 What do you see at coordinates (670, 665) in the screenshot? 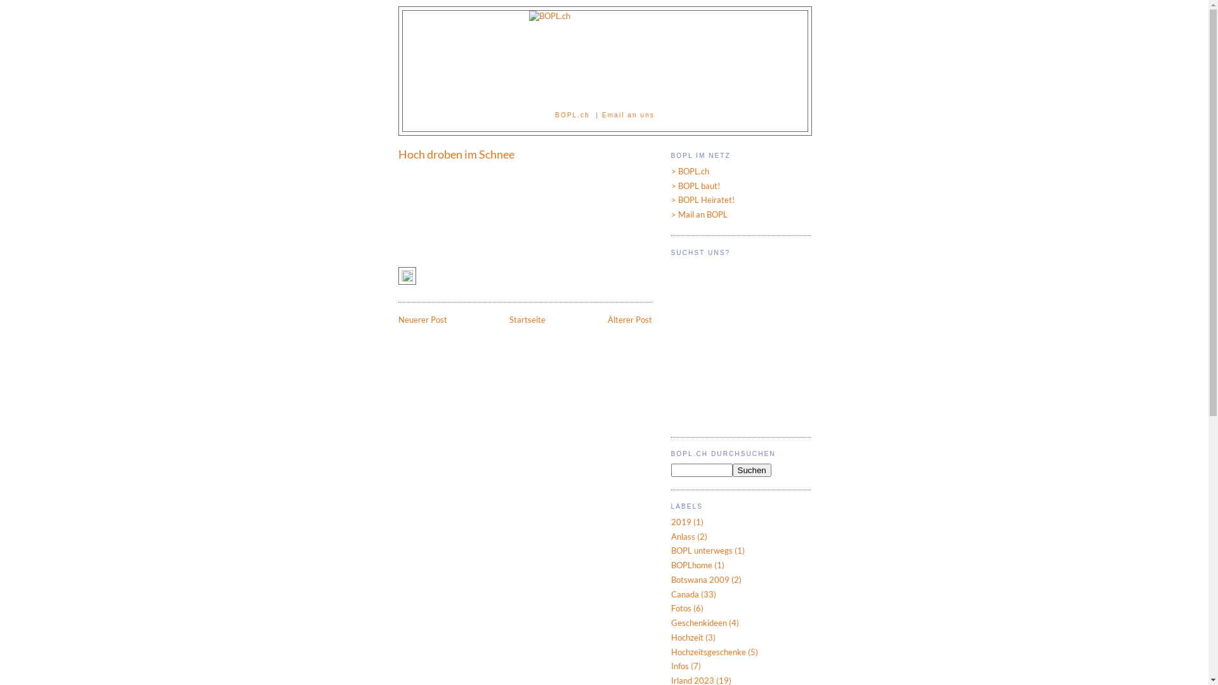
I see `'Infos'` at bounding box center [670, 665].